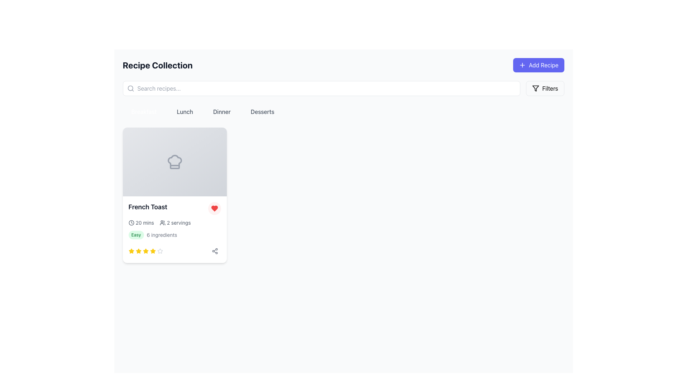  I want to click on the filter button located at the top-right corner of the interface, to the right of the 'Add Recipe' button, so click(545, 88).